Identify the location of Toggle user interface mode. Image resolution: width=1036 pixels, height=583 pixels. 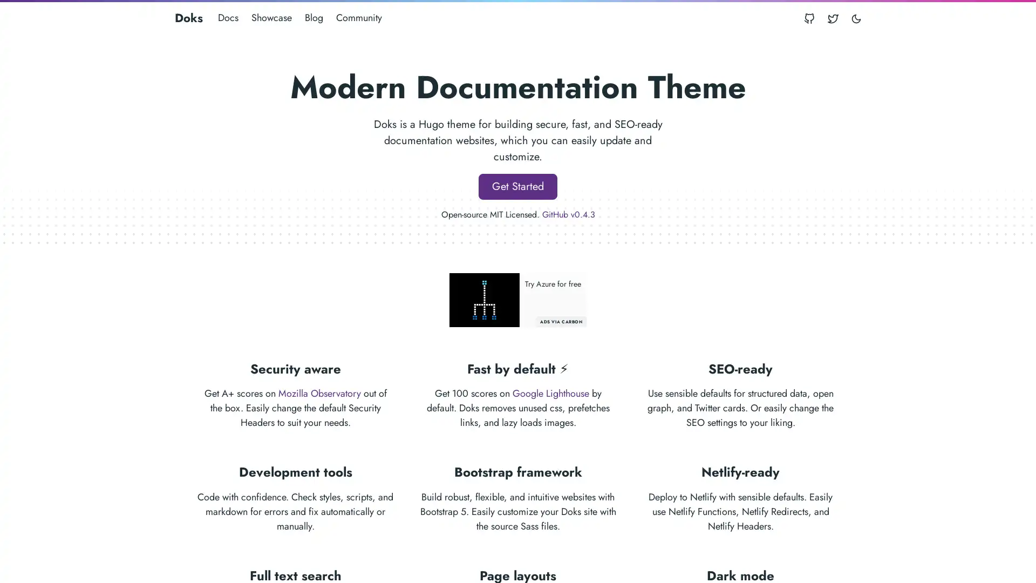
(856, 18).